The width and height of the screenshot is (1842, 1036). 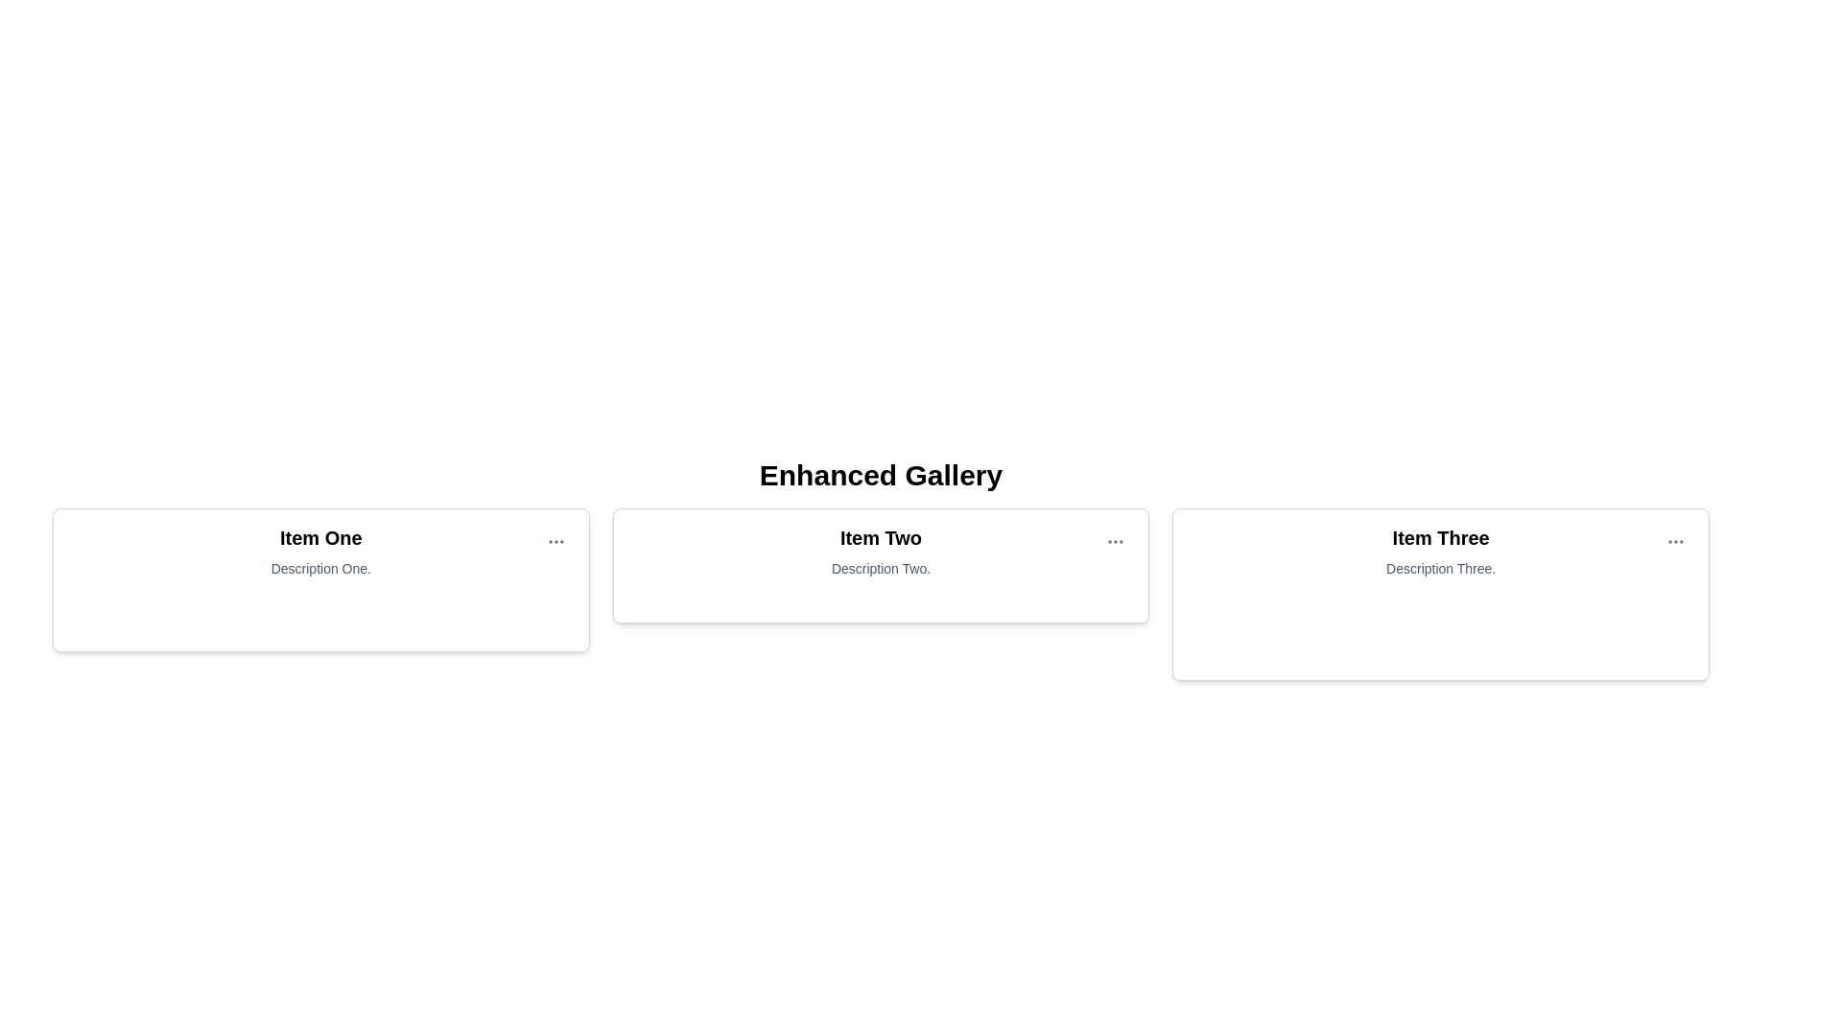 What do you see at coordinates (880, 551) in the screenshot?
I see `the card in the gallery layout that displays an item with a title and description, located directly below the 'Enhanced Gallery' text` at bounding box center [880, 551].